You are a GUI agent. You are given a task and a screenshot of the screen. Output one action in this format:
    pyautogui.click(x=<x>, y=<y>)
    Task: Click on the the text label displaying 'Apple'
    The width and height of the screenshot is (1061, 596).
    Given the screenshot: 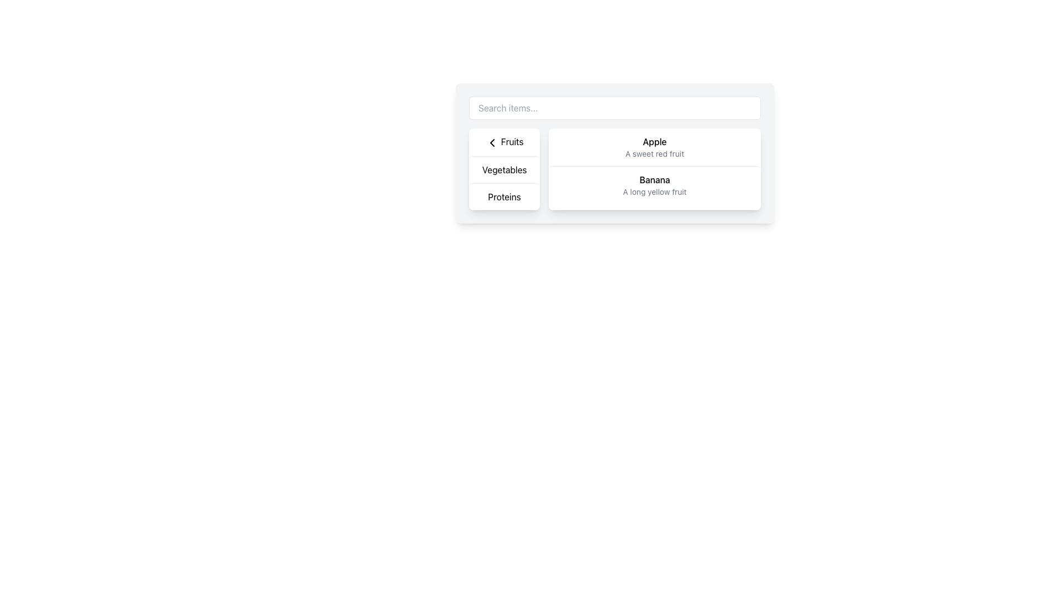 What is the action you would take?
    pyautogui.click(x=655, y=141)
    